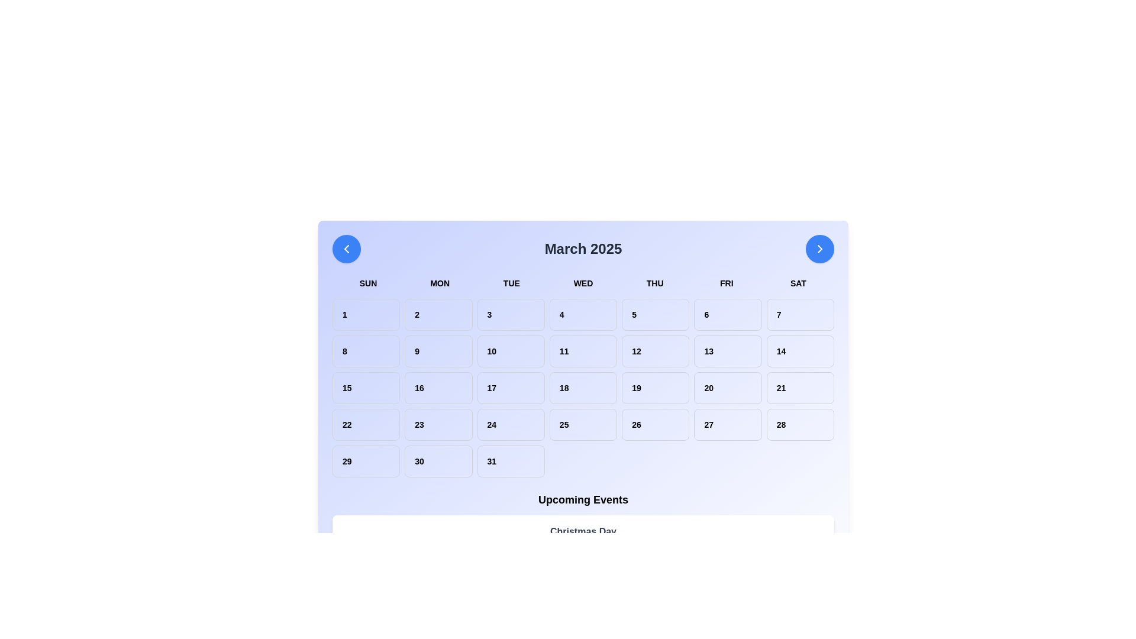  Describe the element at coordinates (655, 314) in the screenshot. I see `the button representing Thursday in the calendar grid` at that location.